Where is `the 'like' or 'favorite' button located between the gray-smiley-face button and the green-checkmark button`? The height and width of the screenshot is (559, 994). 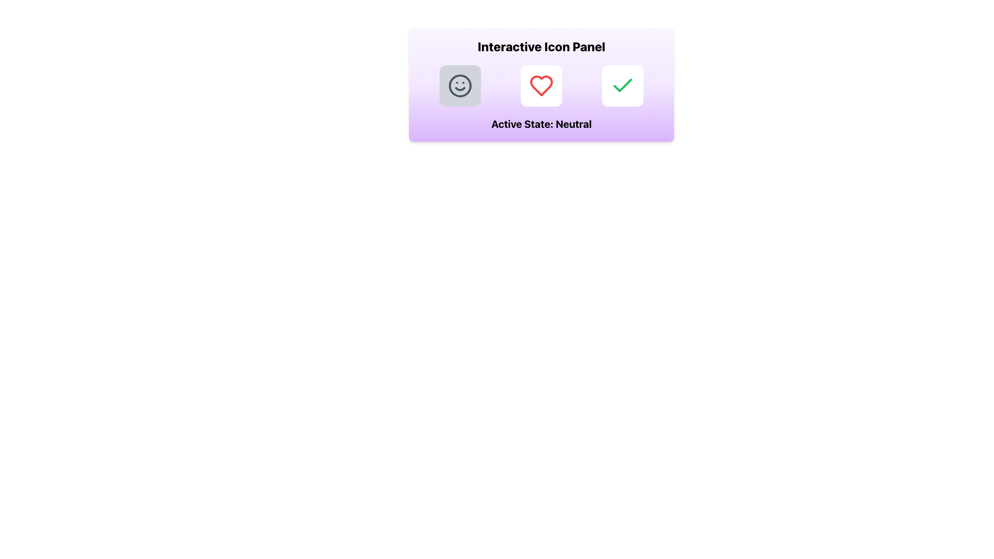
the 'like' or 'favorite' button located between the gray-smiley-face button and the green-checkmark button is located at coordinates (541, 85).